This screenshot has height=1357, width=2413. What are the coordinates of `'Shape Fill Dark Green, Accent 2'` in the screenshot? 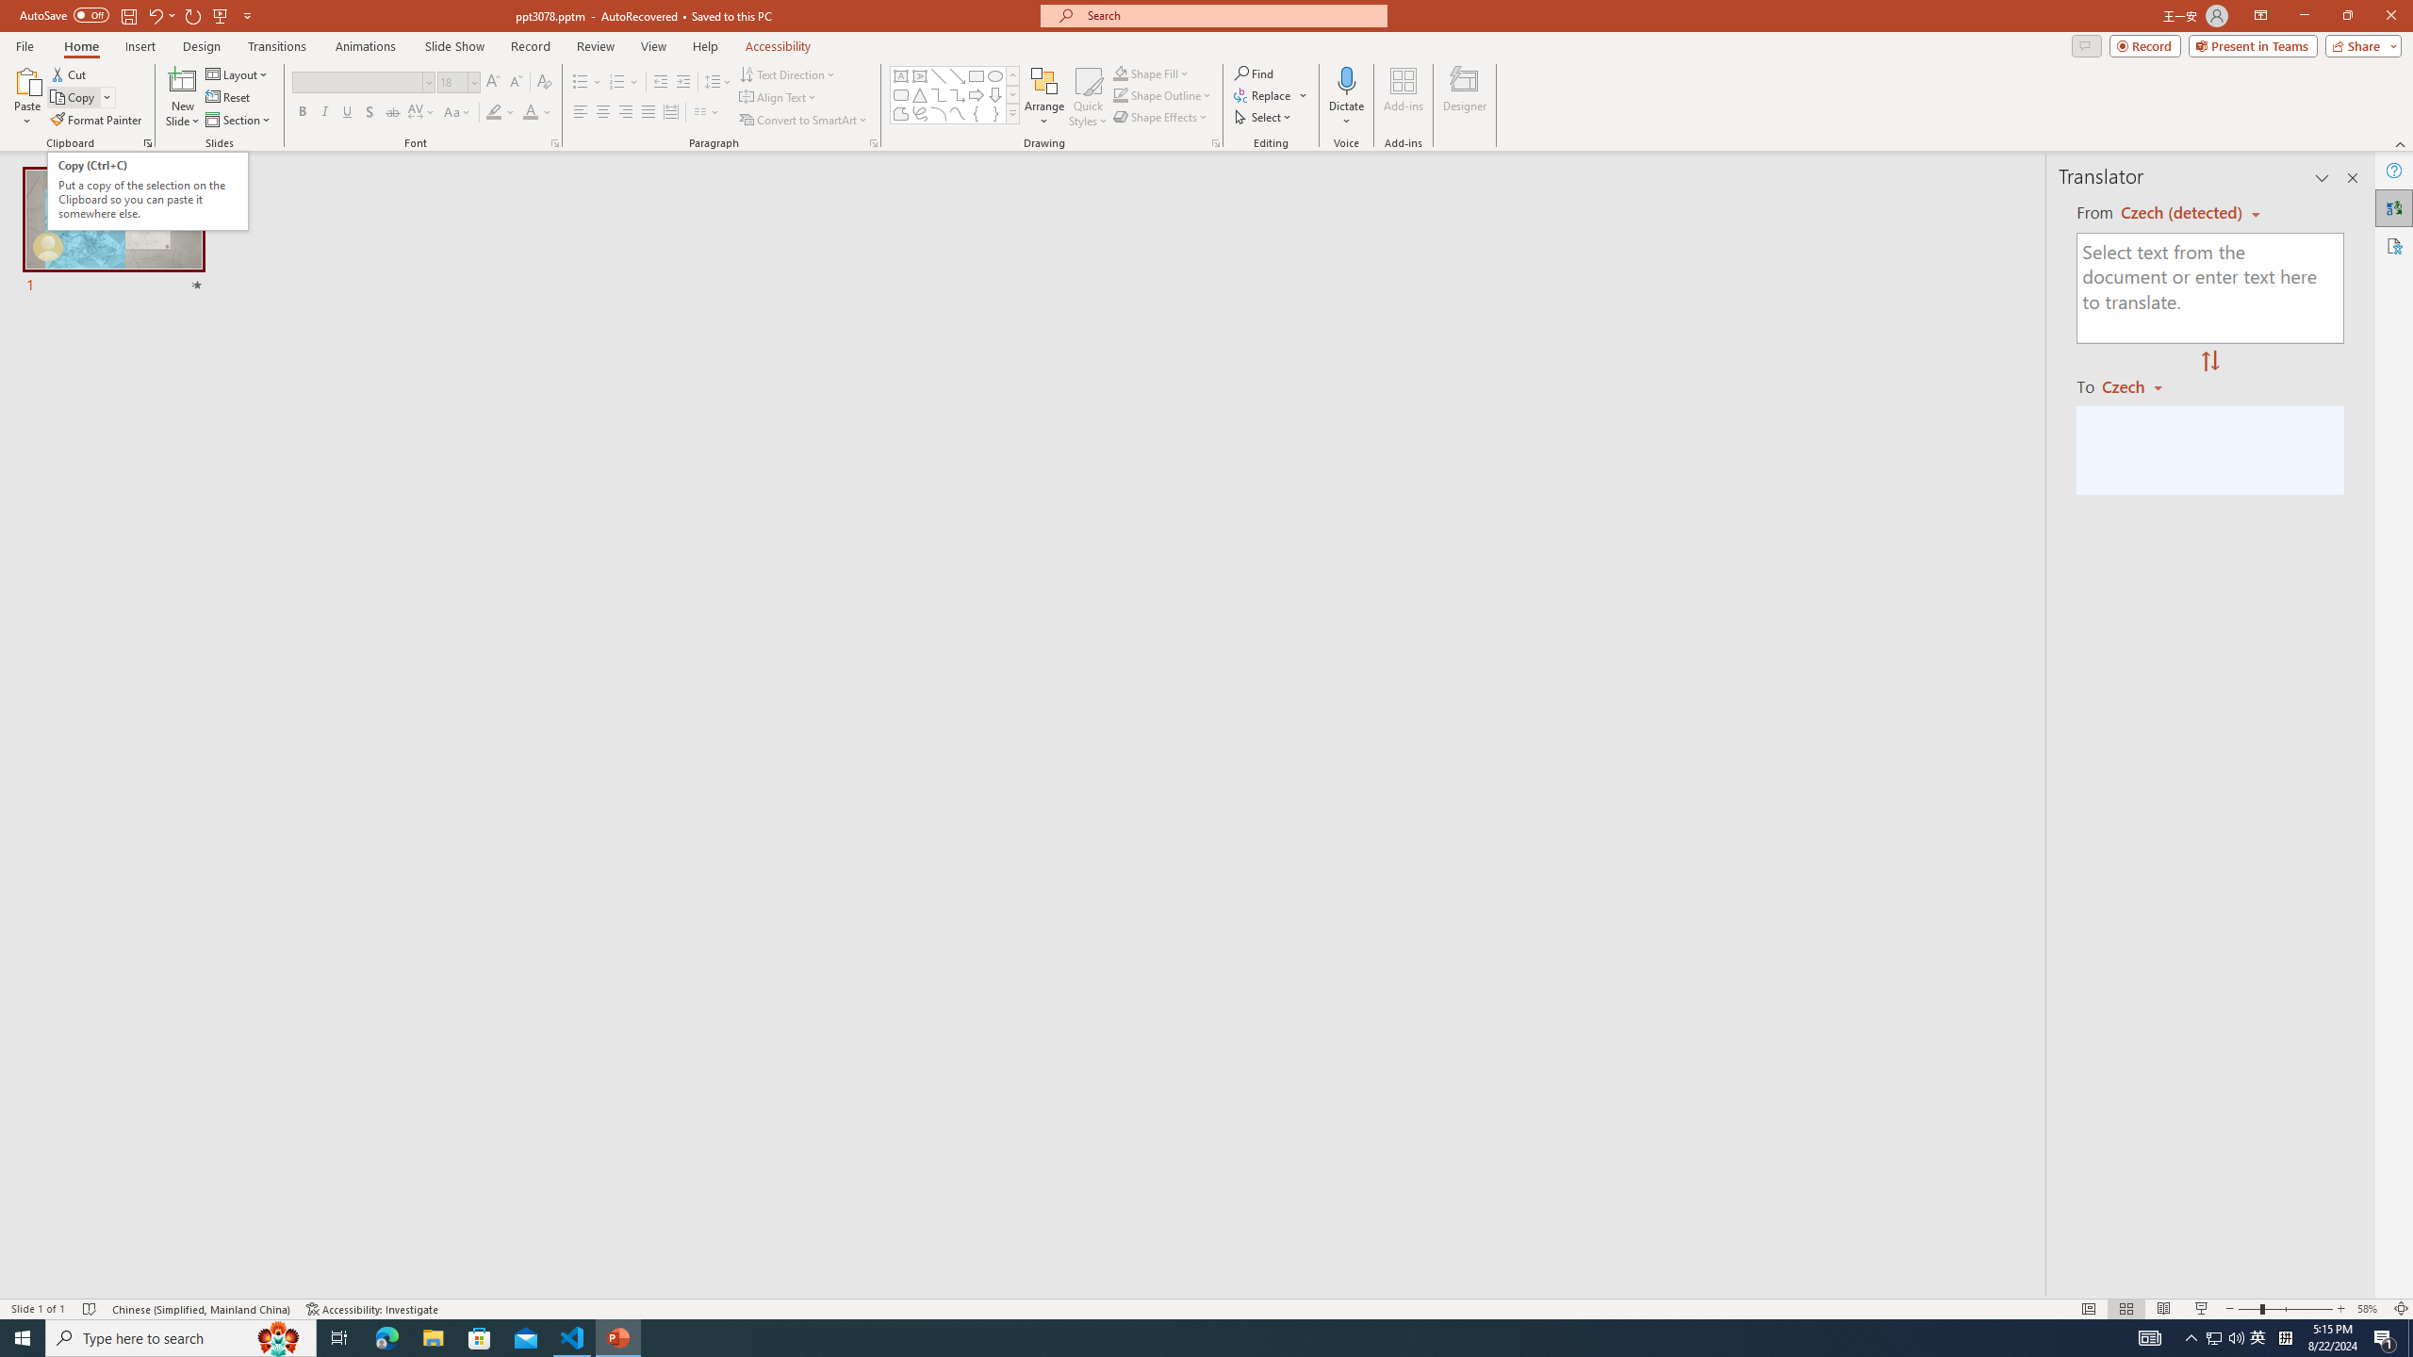 It's located at (1121, 73).